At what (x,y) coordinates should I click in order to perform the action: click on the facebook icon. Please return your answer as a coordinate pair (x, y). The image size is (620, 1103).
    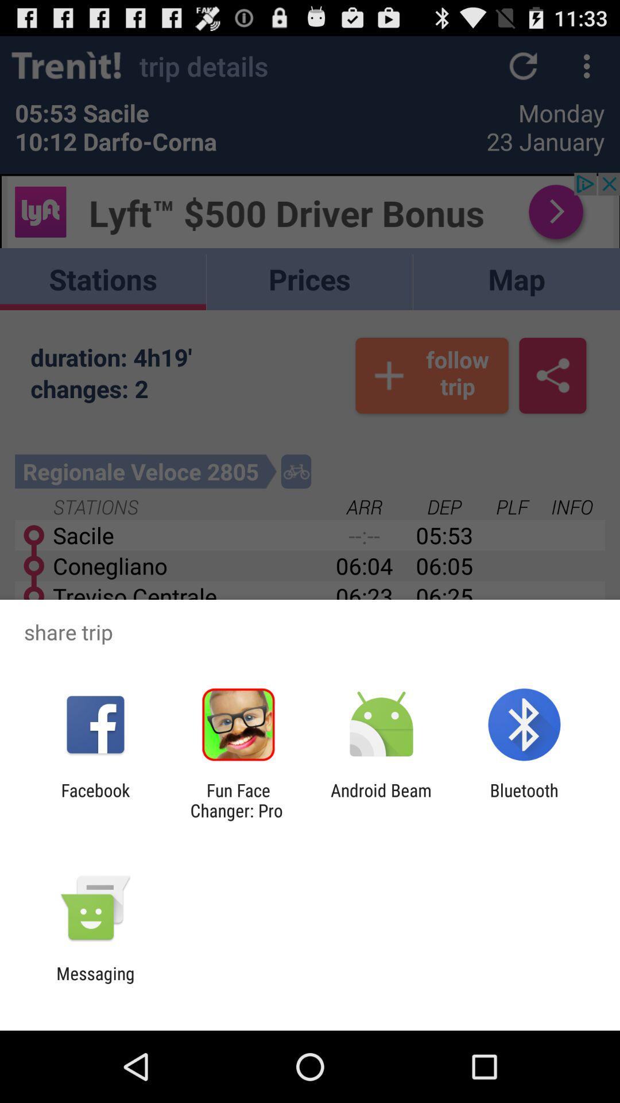
    Looking at the image, I should click on (95, 800).